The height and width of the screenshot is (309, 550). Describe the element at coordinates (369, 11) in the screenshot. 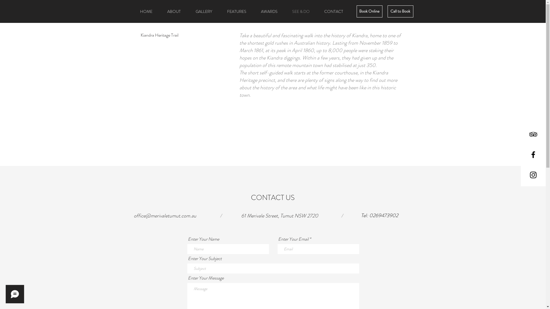

I see `'Book Online'` at that location.